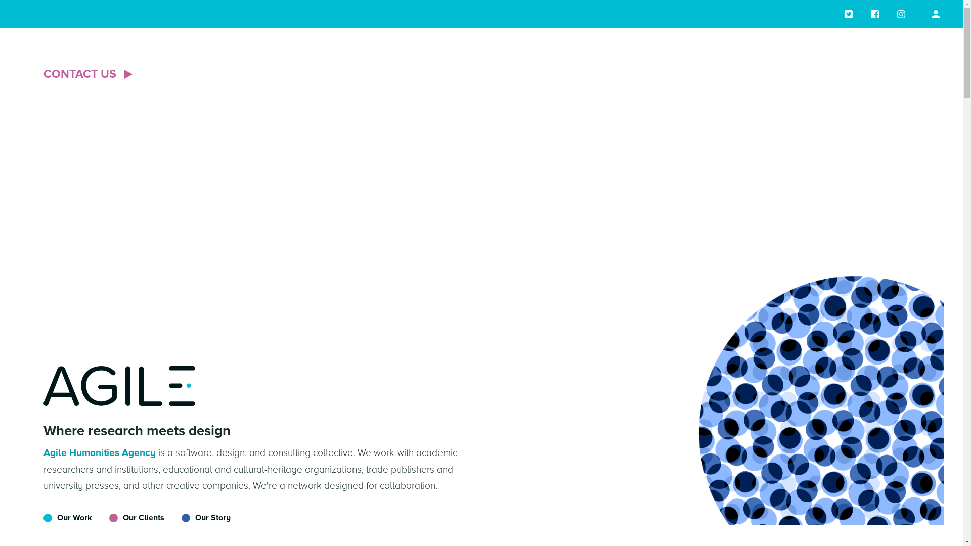 The image size is (971, 546). Describe the element at coordinates (935, 14) in the screenshot. I see `'profile page'` at that location.